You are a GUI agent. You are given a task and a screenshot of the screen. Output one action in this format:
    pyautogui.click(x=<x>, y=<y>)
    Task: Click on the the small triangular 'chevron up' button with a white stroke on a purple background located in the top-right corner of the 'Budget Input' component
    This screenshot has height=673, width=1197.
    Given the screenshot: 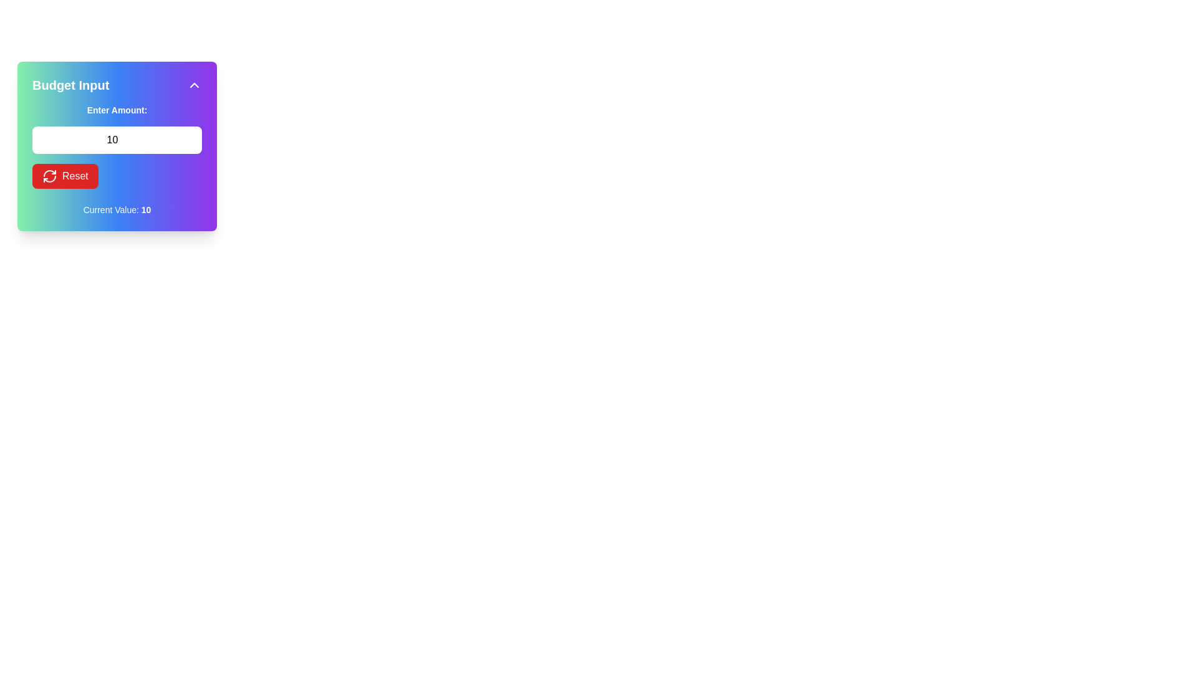 What is the action you would take?
    pyautogui.click(x=194, y=85)
    